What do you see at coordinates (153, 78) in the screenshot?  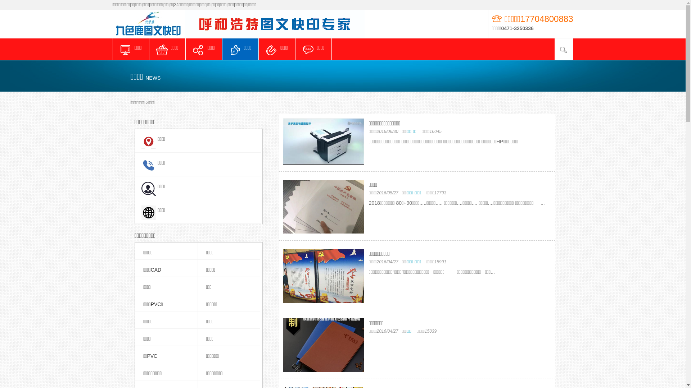 I see `'NEWS'` at bounding box center [153, 78].